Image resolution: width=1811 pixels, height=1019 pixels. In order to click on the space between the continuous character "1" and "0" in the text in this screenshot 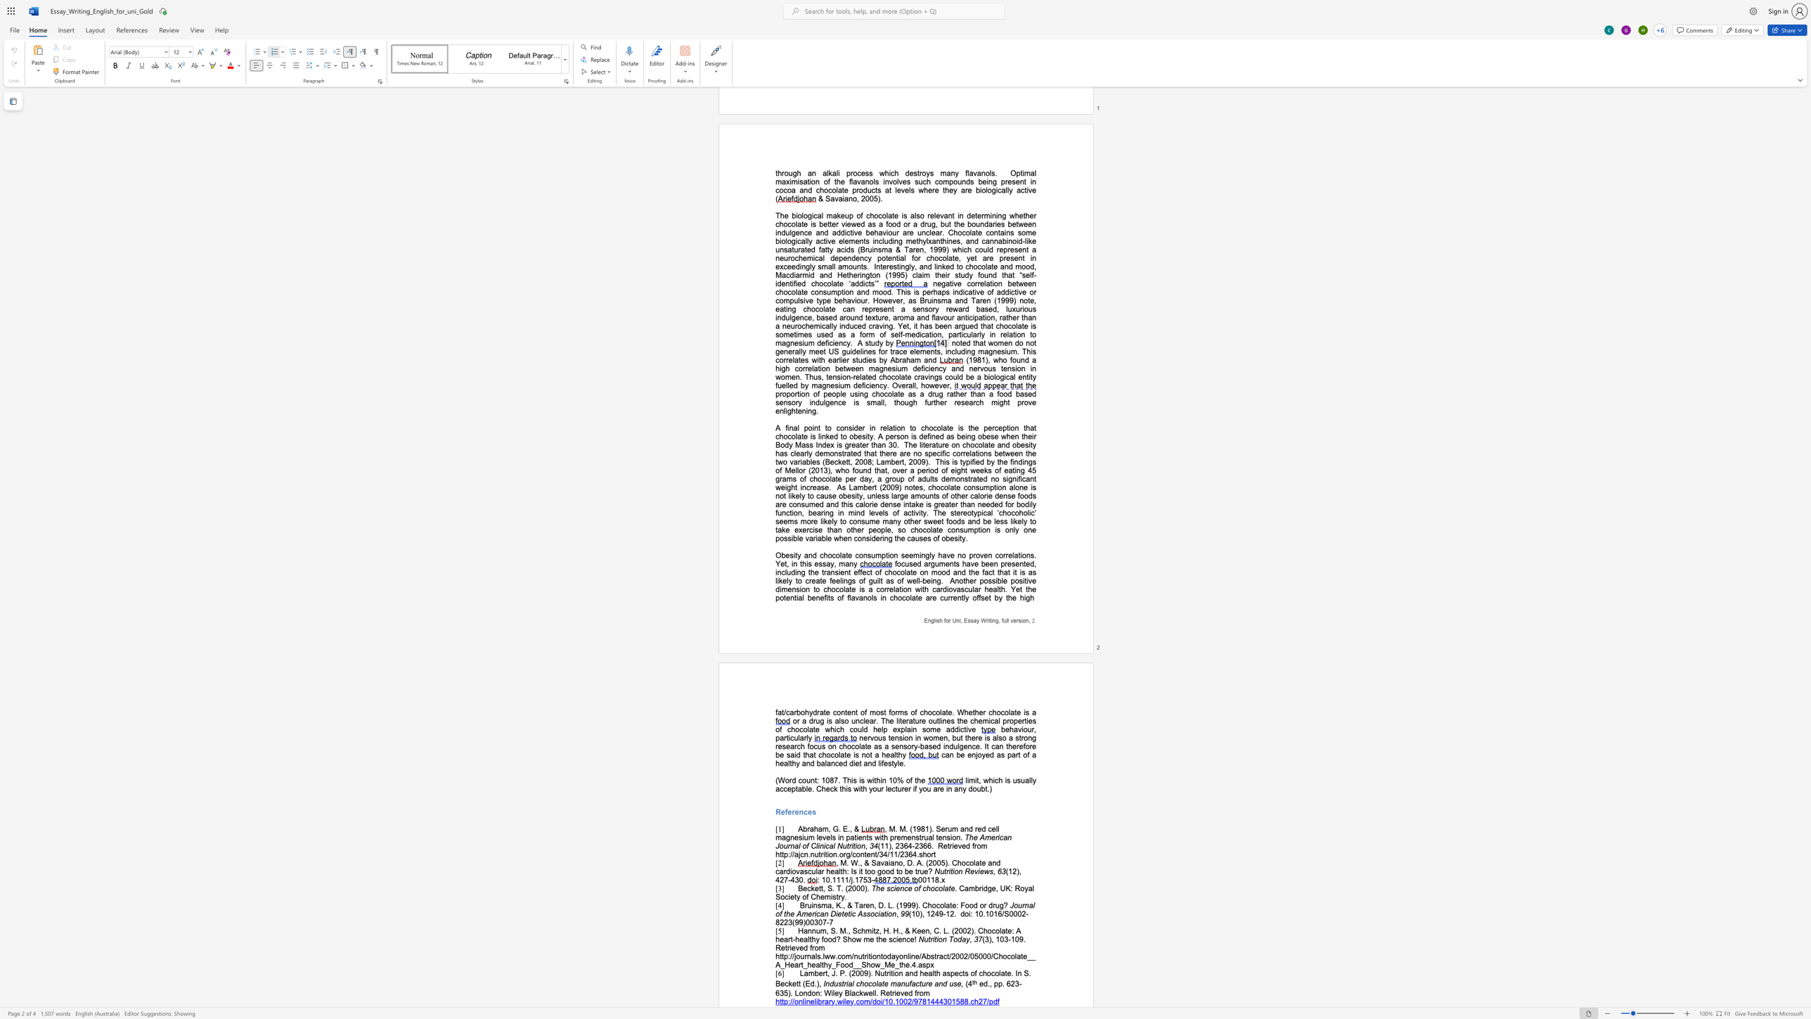, I will do `click(915, 914)`.